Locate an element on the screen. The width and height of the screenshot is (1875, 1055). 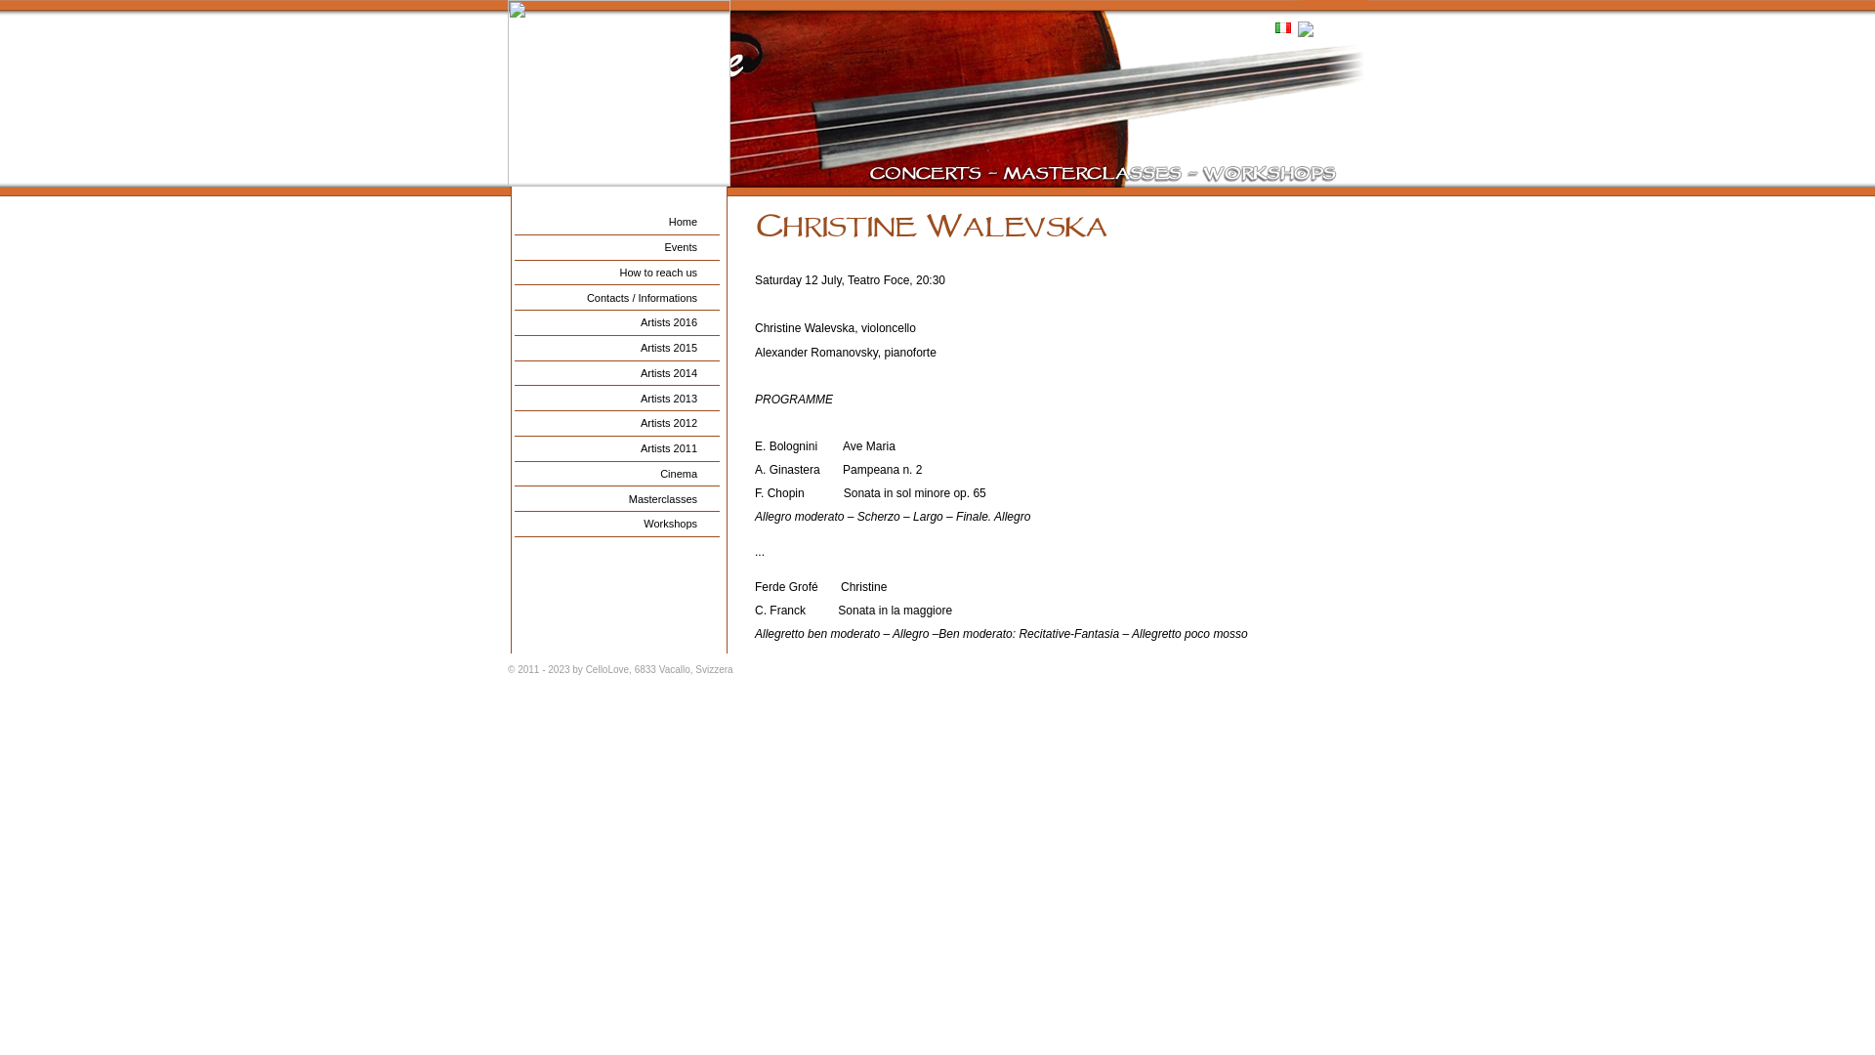
'English' is located at coordinates (1321, 29).